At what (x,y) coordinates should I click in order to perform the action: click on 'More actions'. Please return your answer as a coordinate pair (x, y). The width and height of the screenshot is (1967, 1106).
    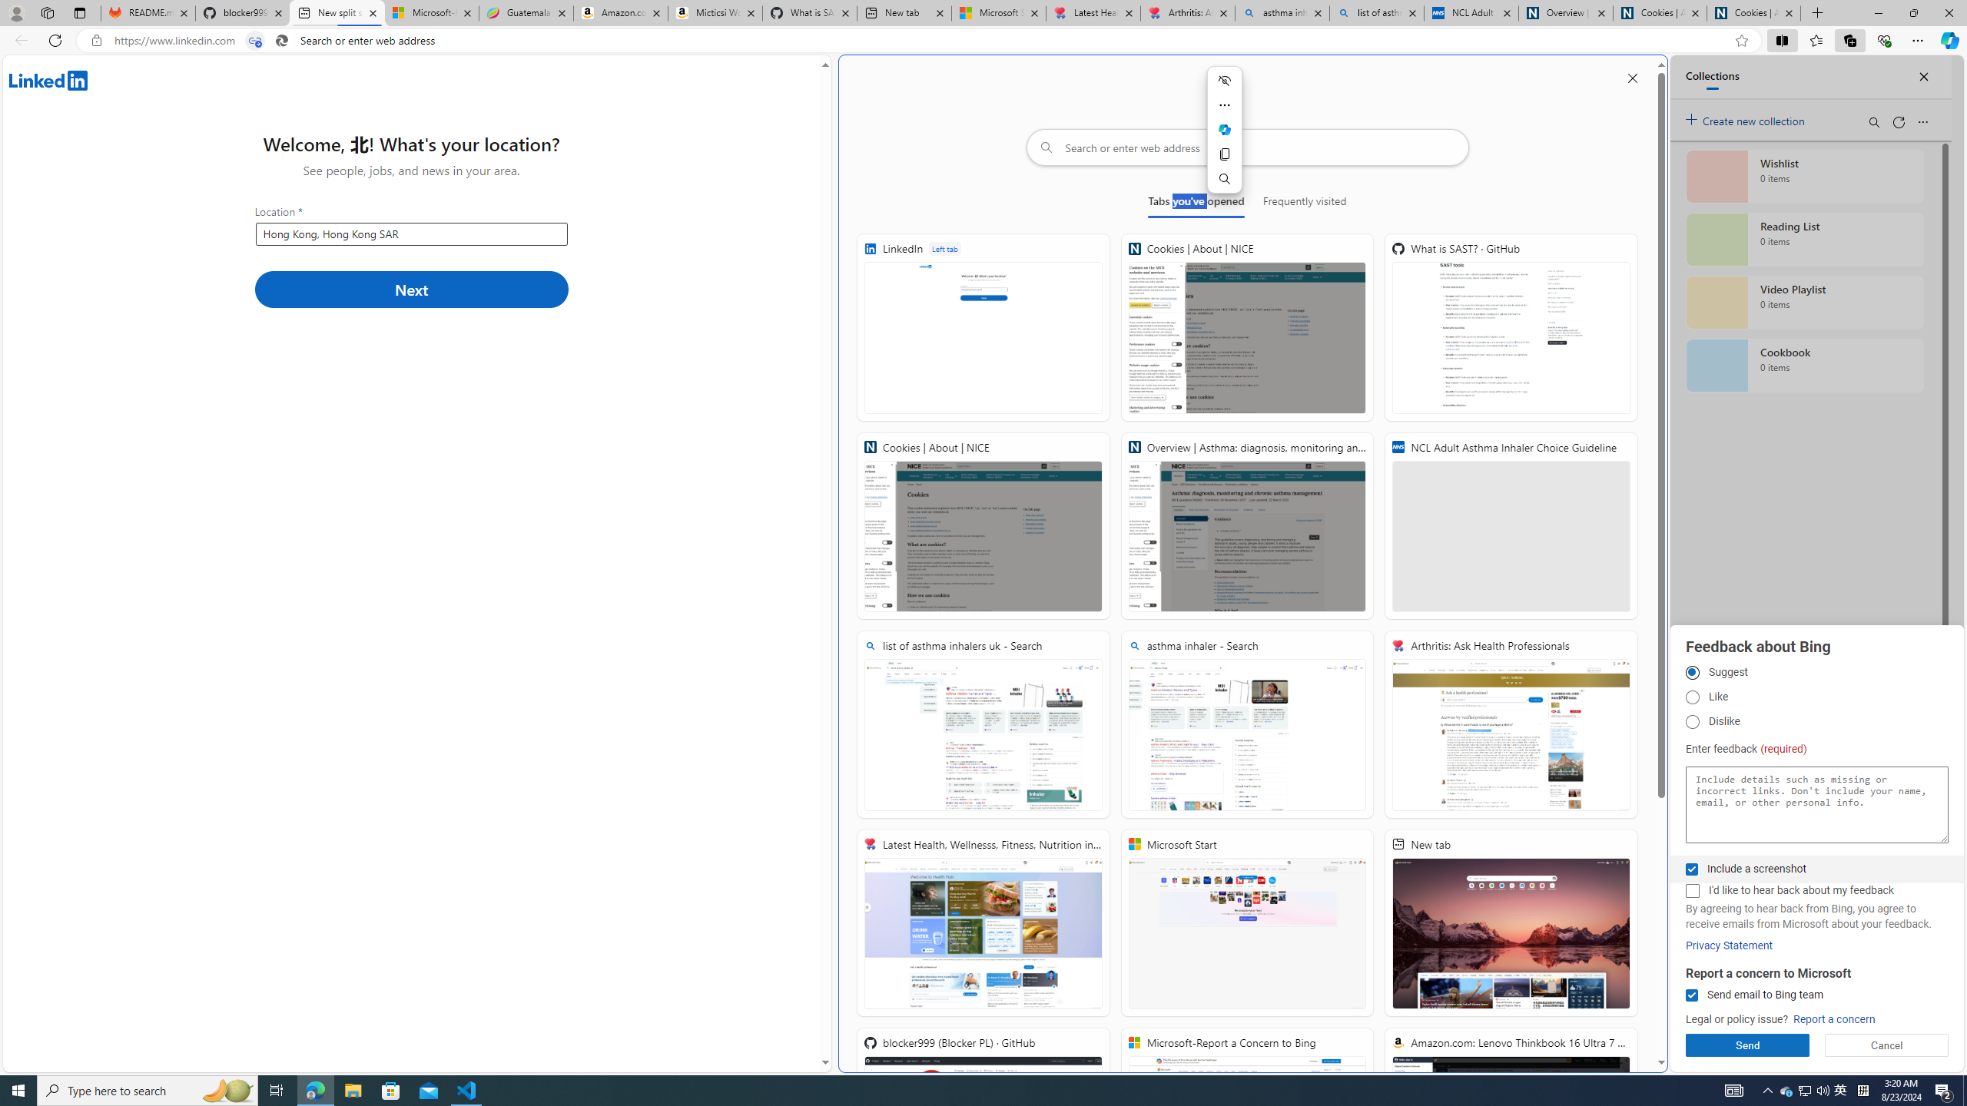
    Looking at the image, I should click on (1224, 104).